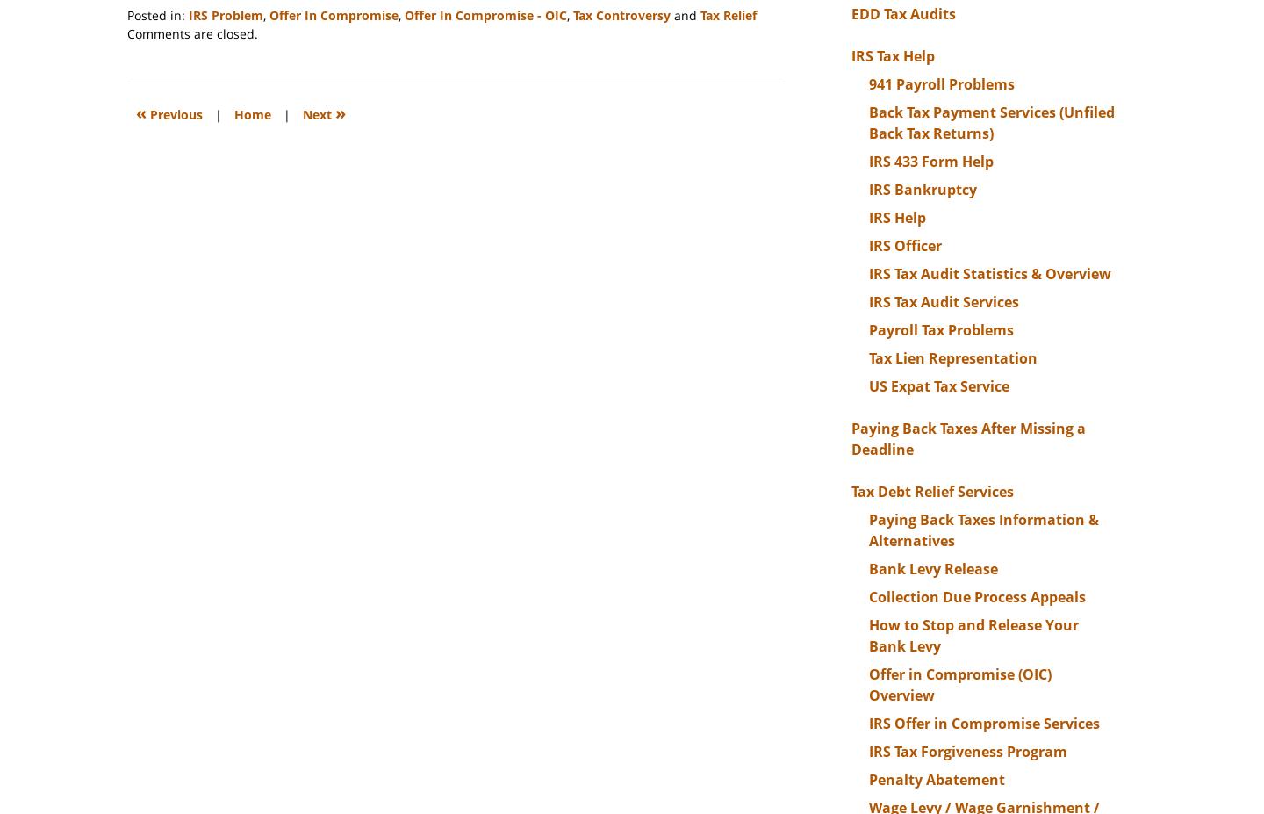  I want to click on 'and', so click(670, 14).